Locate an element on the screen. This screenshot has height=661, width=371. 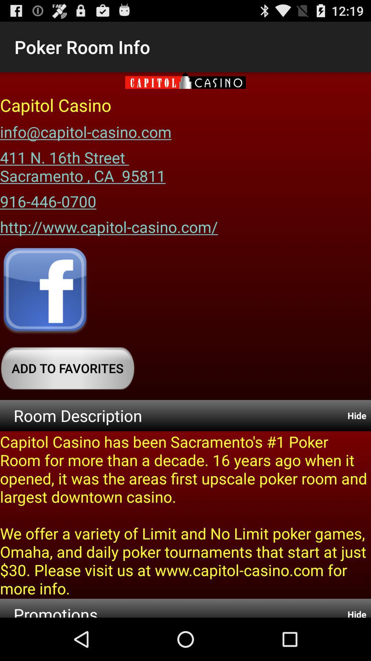
the add to favorites button is located at coordinates (67, 368).